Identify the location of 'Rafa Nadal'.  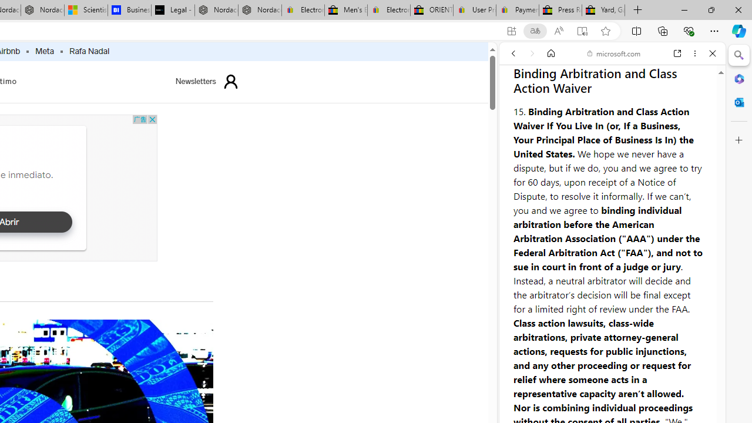
(89, 51).